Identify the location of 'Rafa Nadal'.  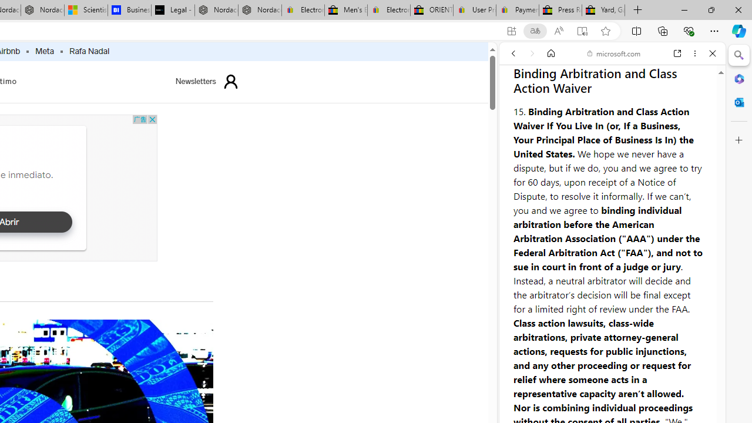
(89, 51).